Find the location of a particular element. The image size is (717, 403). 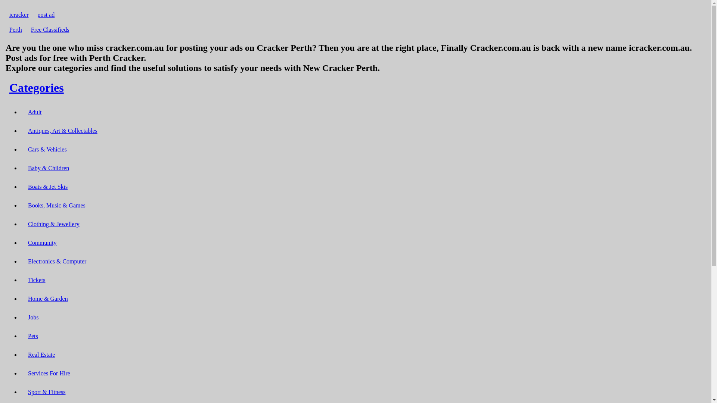

'Services For Hire' is located at coordinates (49, 373).